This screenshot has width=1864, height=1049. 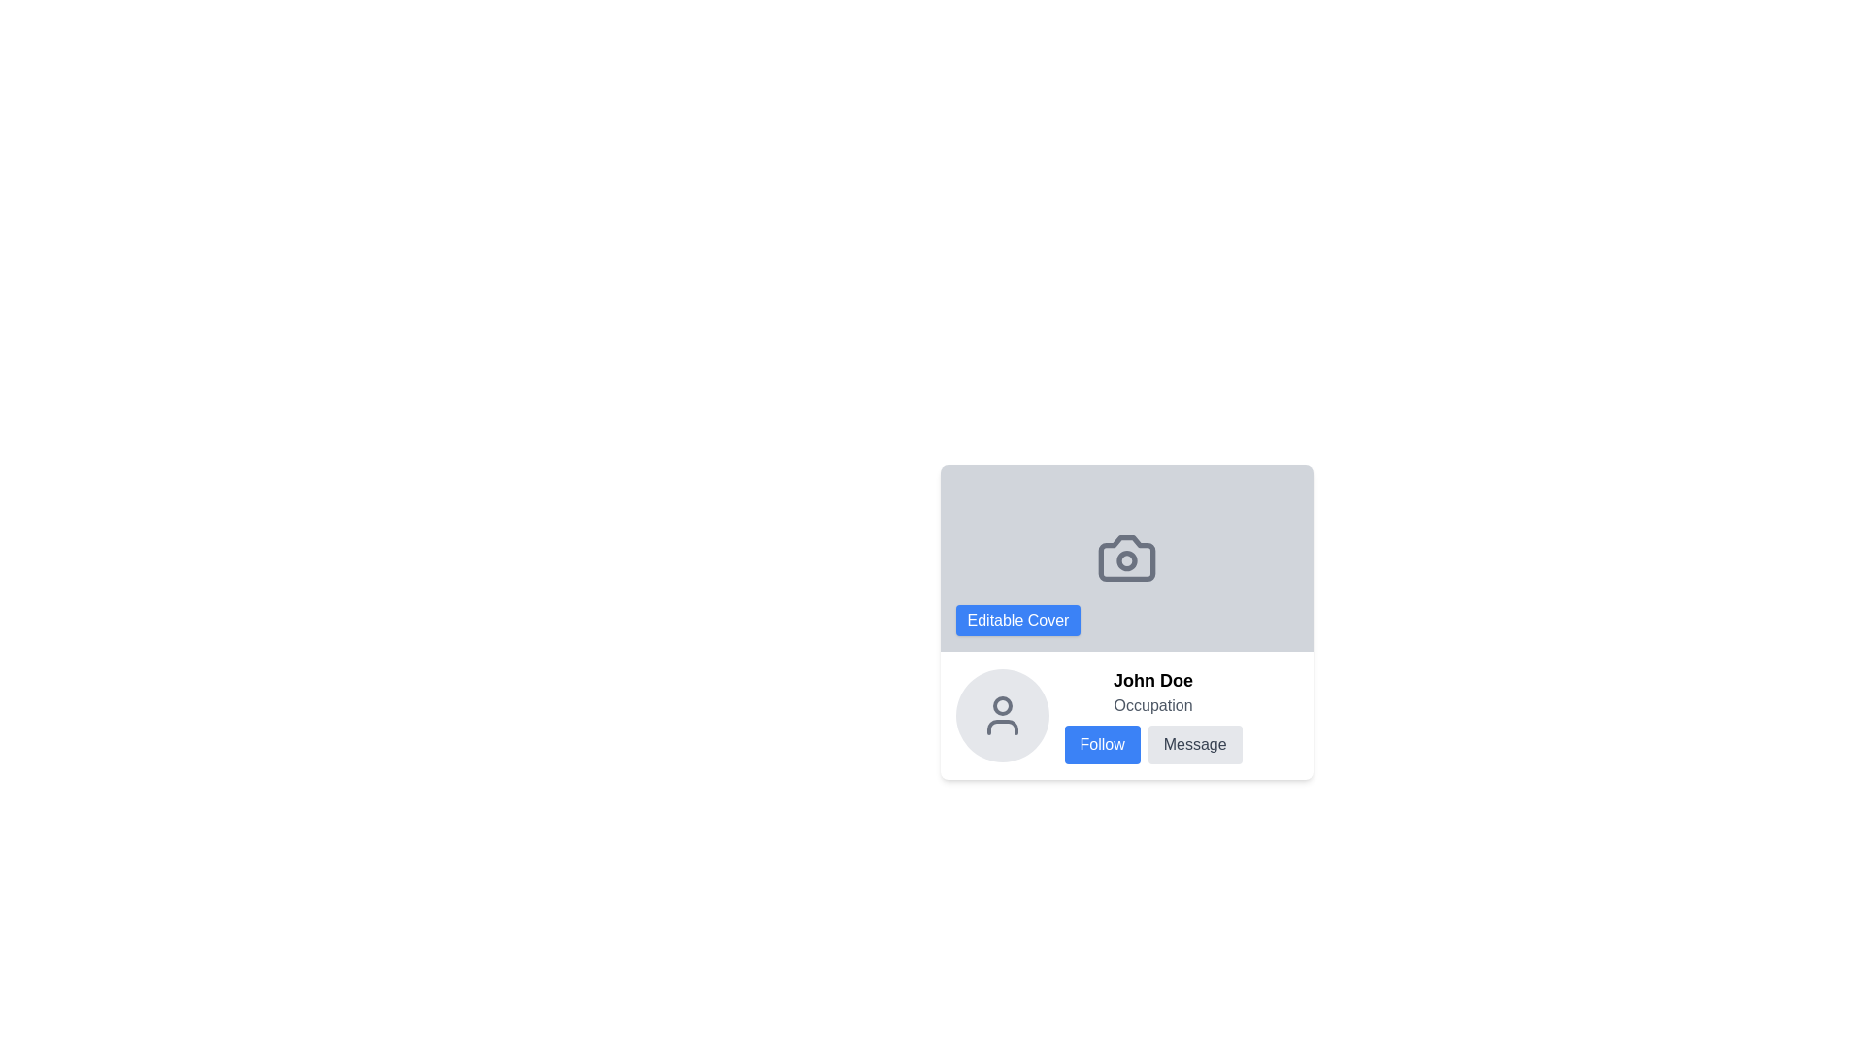 What do you see at coordinates (1002, 715) in the screenshot?
I see `the Image Placeholder representing the user's profile image located in the left-half of the profile card section` at bounding box center [1002, 715].